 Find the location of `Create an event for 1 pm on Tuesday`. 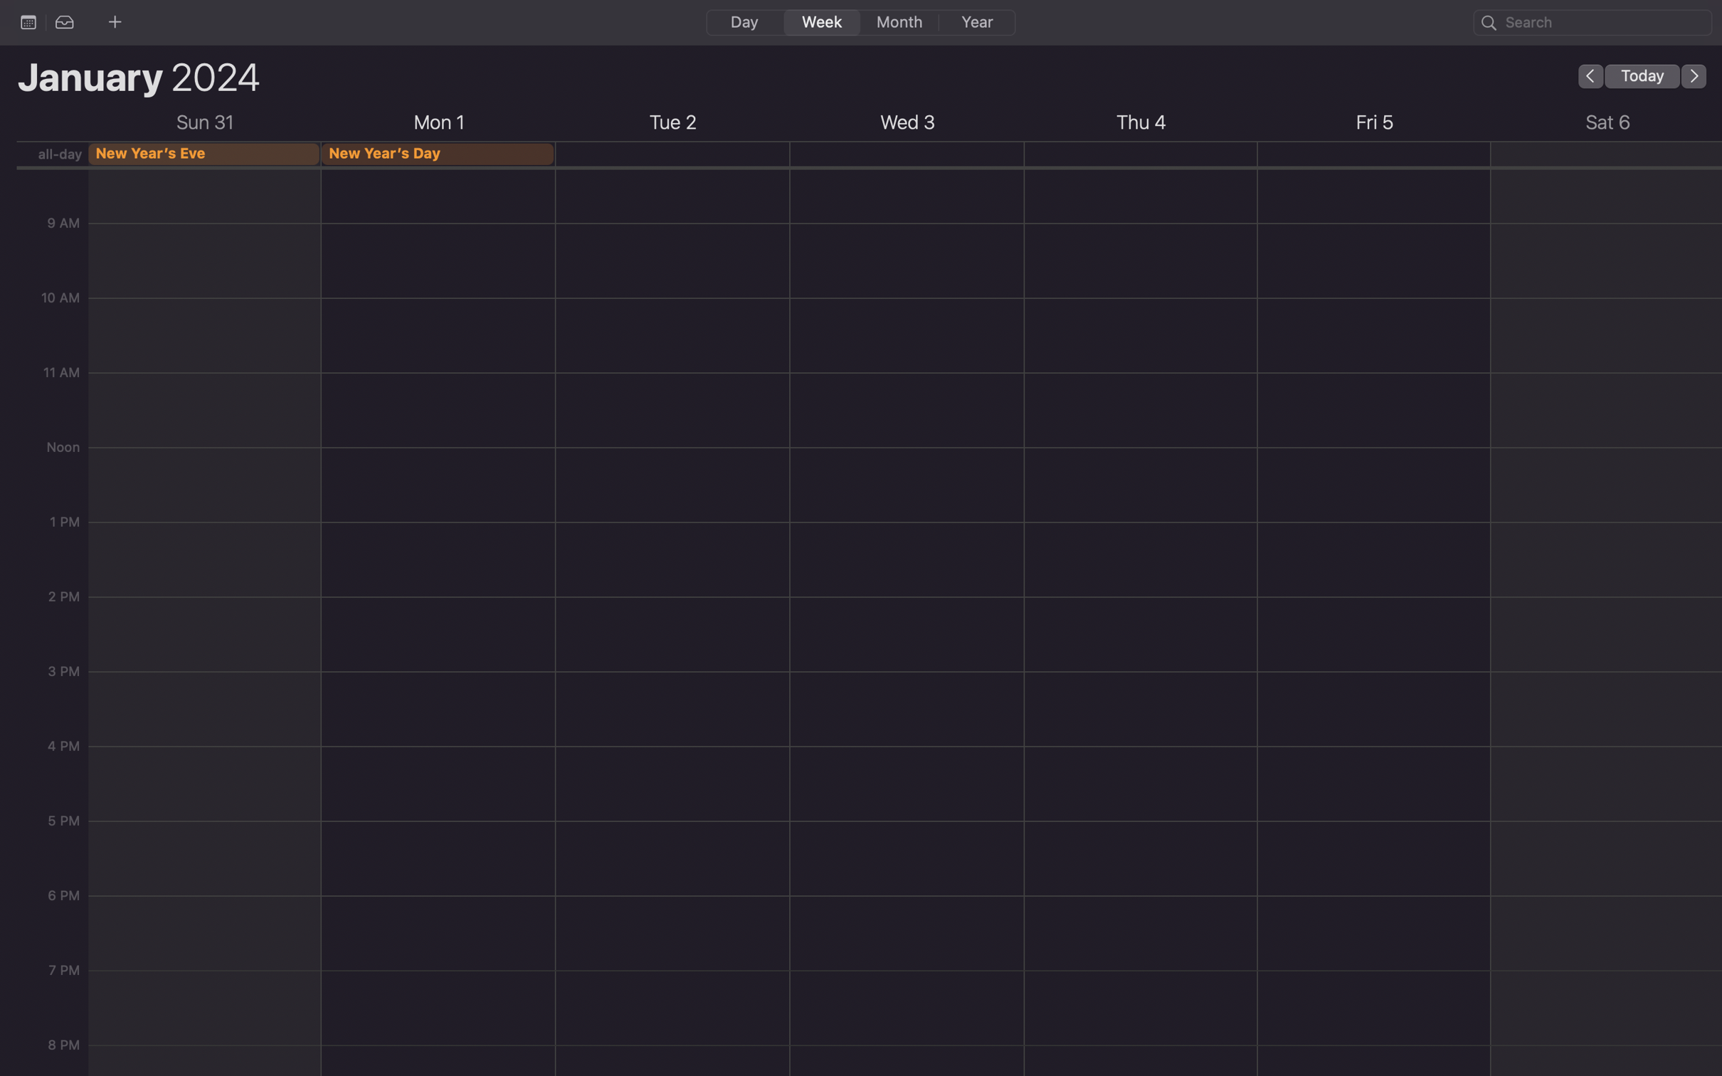

Create an event for 1 pm on Tuesday is located at coordinates (672, 695).